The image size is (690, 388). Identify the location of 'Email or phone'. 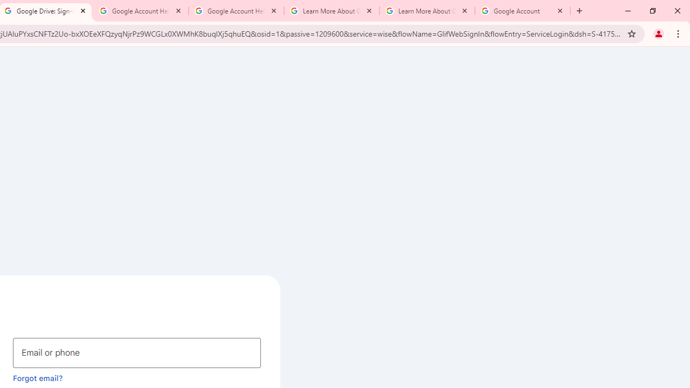
(136, 352).